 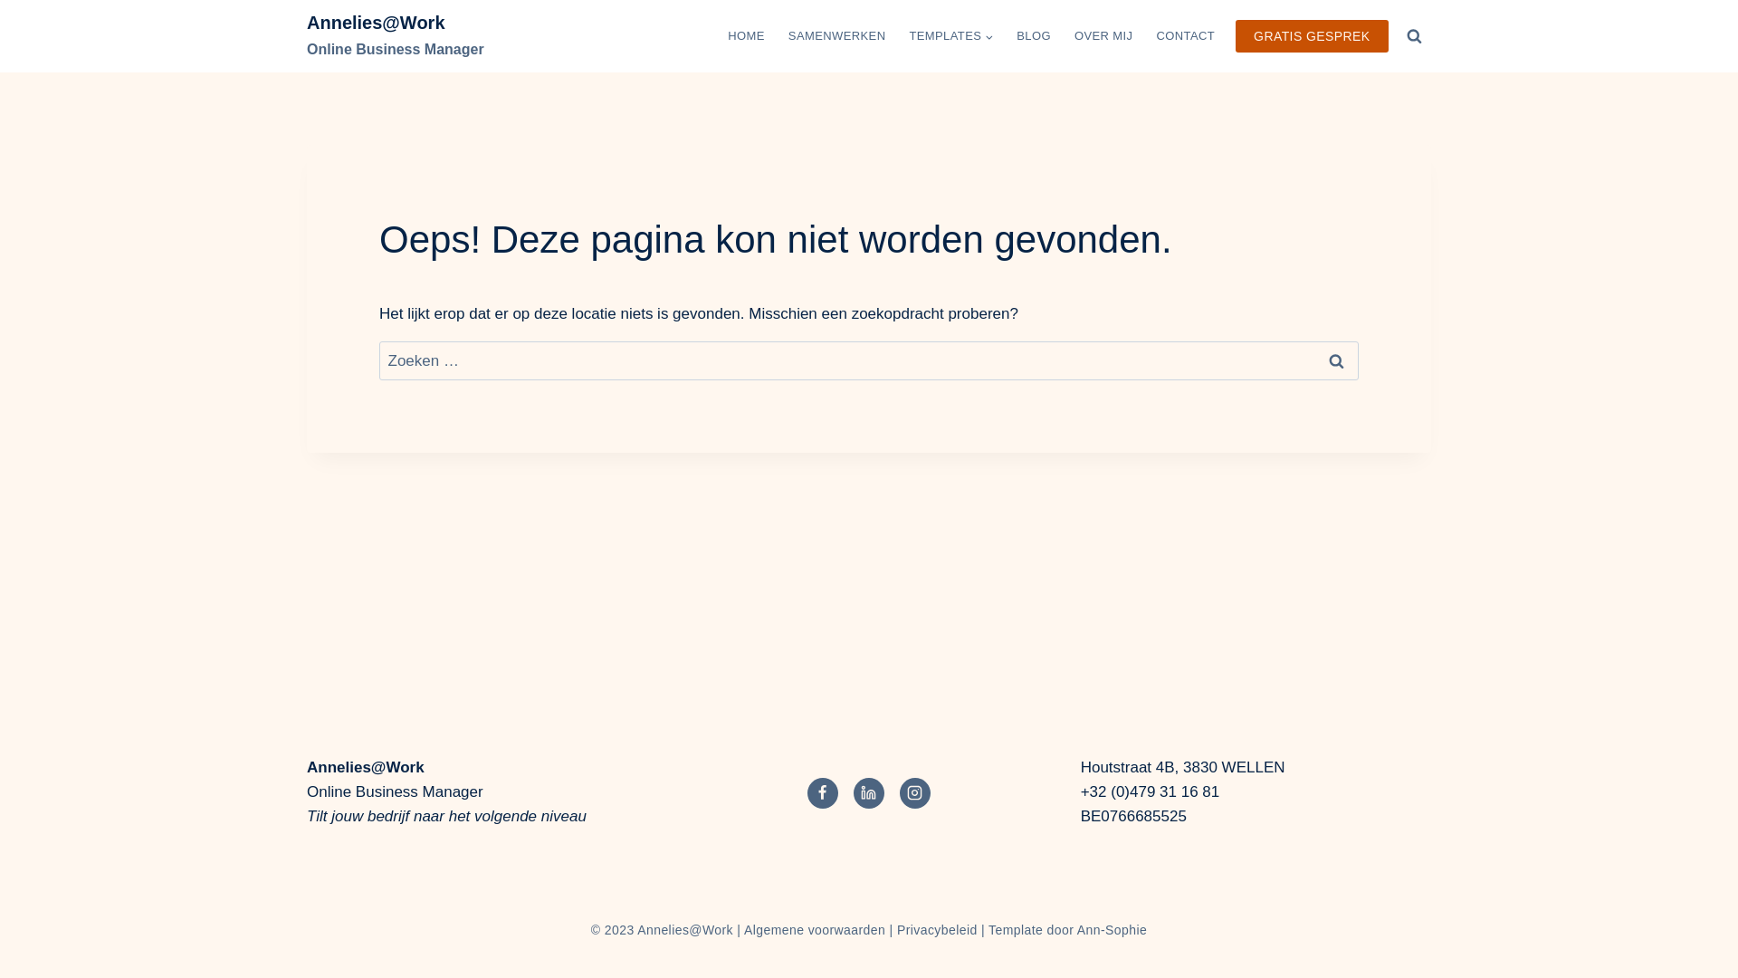 What do you see at coordinates (814, 929) in the screenshot?
I see `'Algemene voorwaarden'` at bounding box center [814, 929].